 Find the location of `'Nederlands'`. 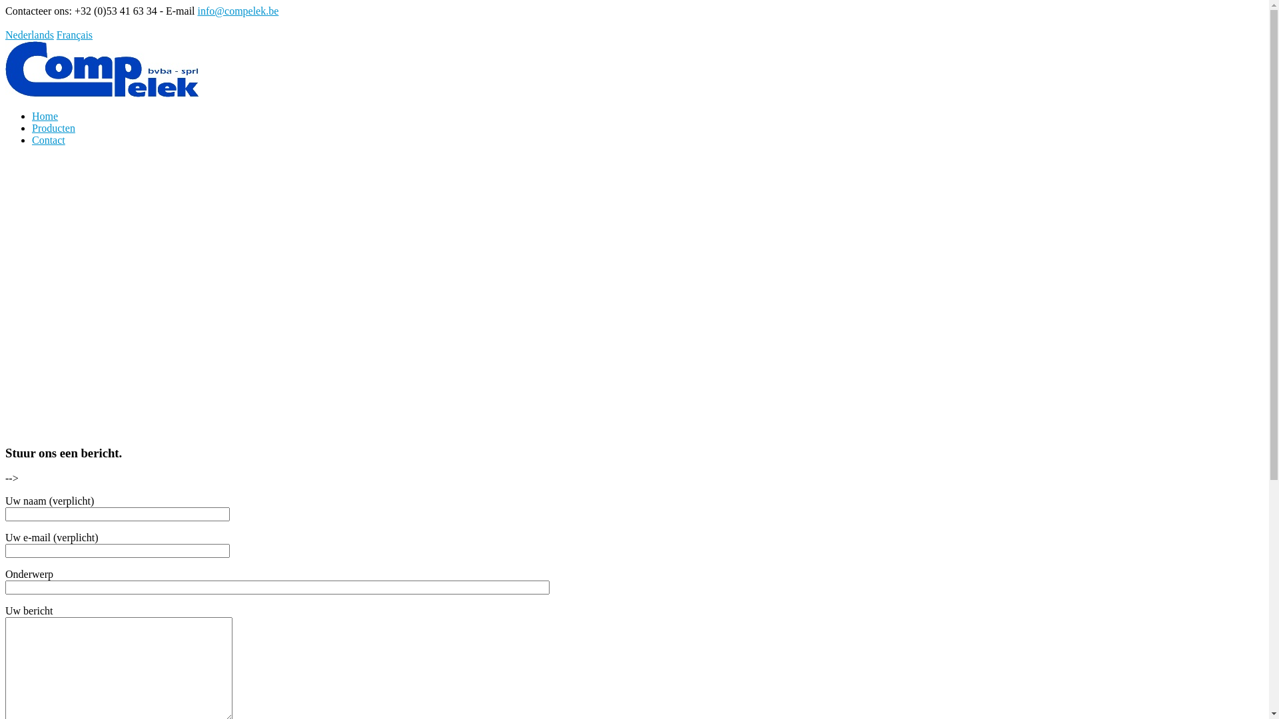

'Nederlands' is located at coordinates (29, 34).